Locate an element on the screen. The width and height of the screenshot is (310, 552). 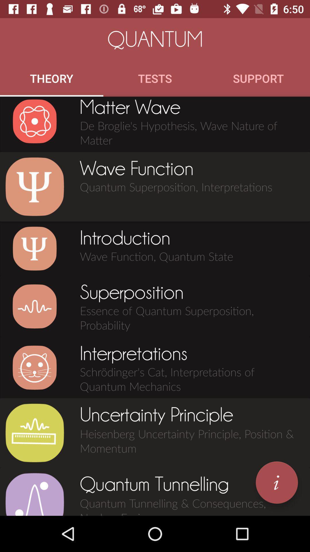
the item to the left of the quantum tunnelling item is located at coordinates (34, 494).